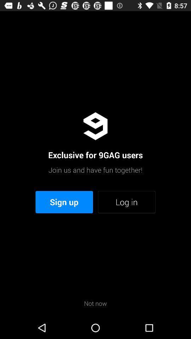  I want to click on icon to the right of sign up icon, so click(126, 202).